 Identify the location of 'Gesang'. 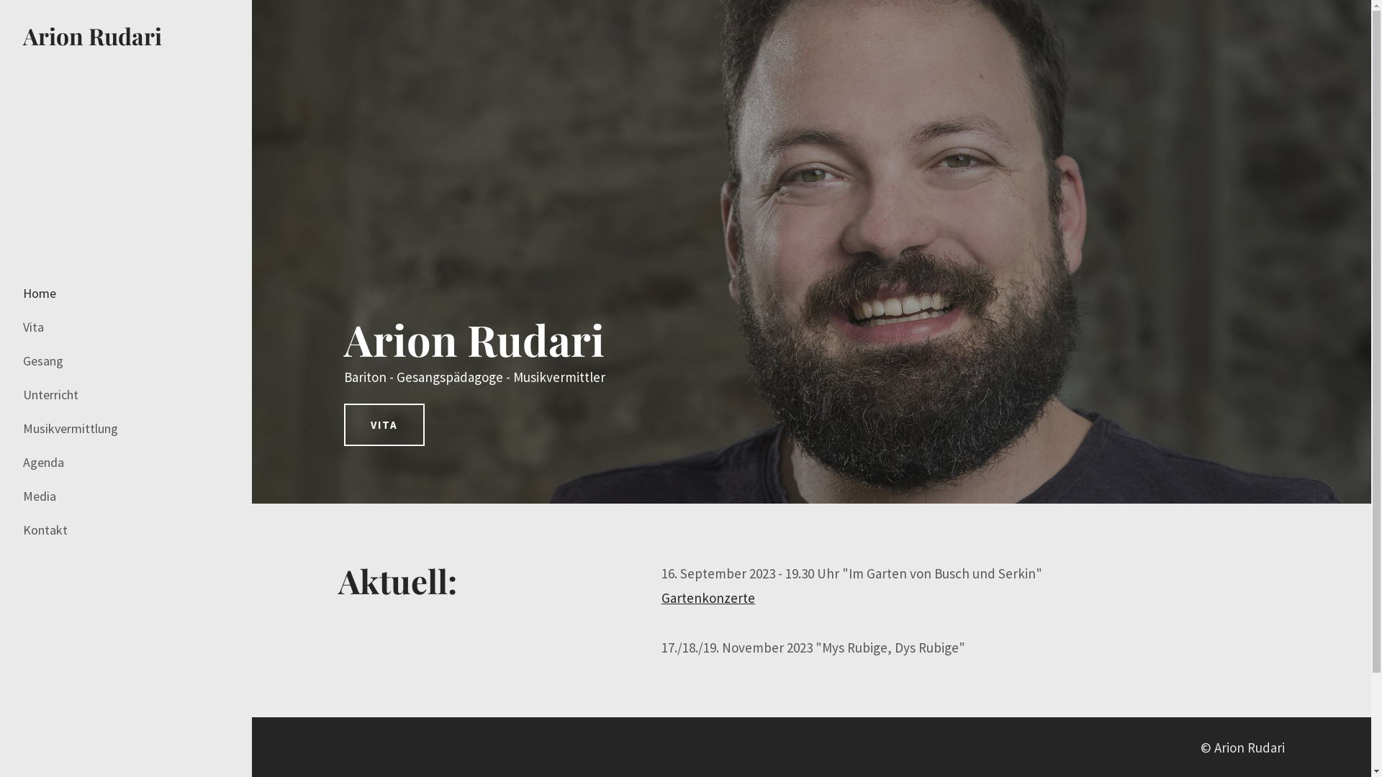
(48, 360).